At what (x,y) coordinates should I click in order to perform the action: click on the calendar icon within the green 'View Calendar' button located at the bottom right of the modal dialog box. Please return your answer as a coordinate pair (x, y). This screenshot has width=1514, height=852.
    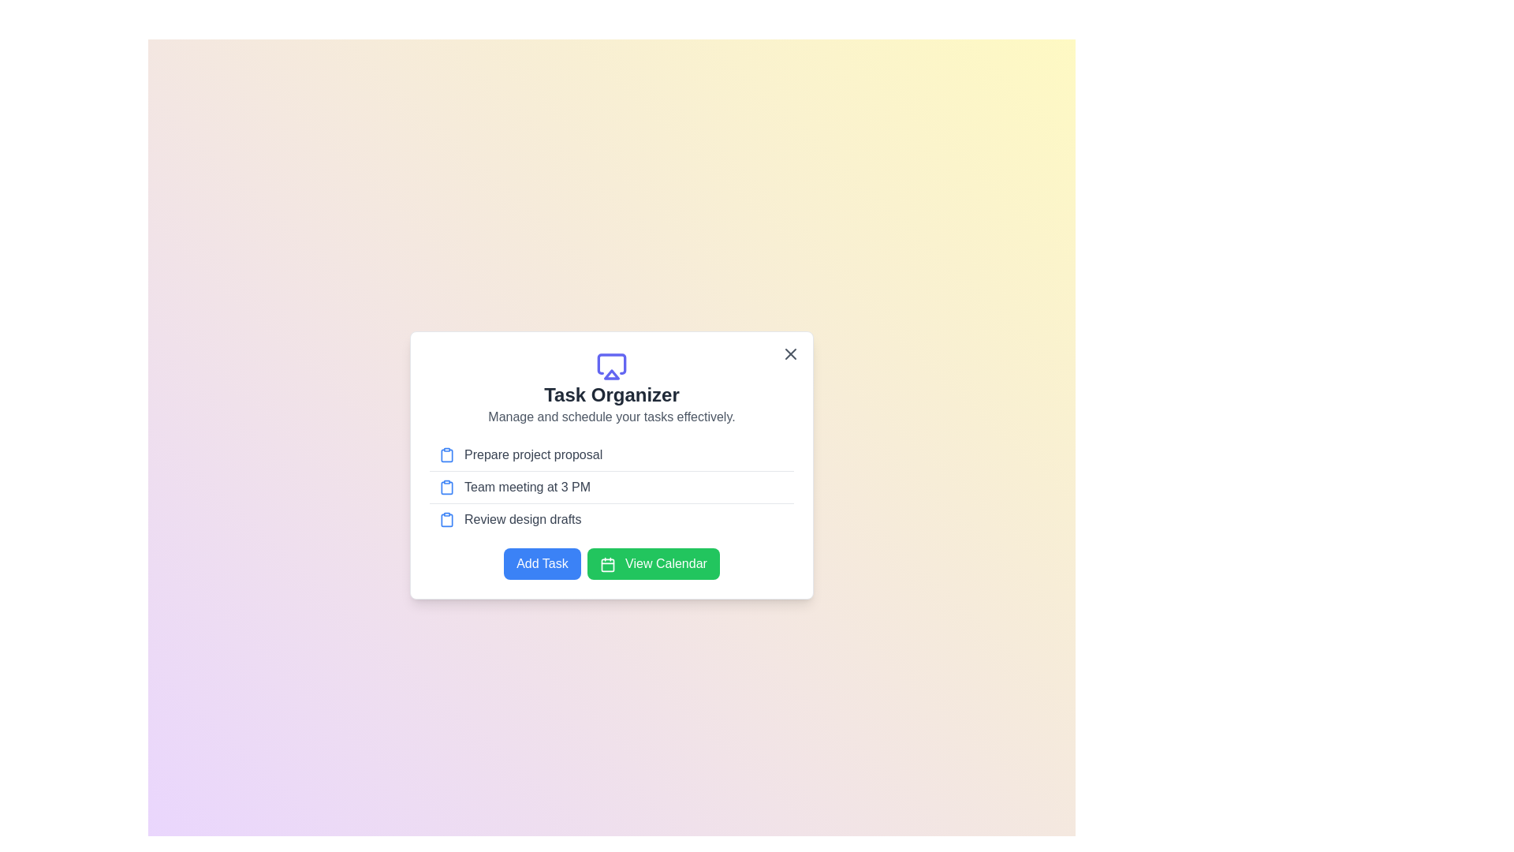
    Looking at the image, I should click on (606, 563).